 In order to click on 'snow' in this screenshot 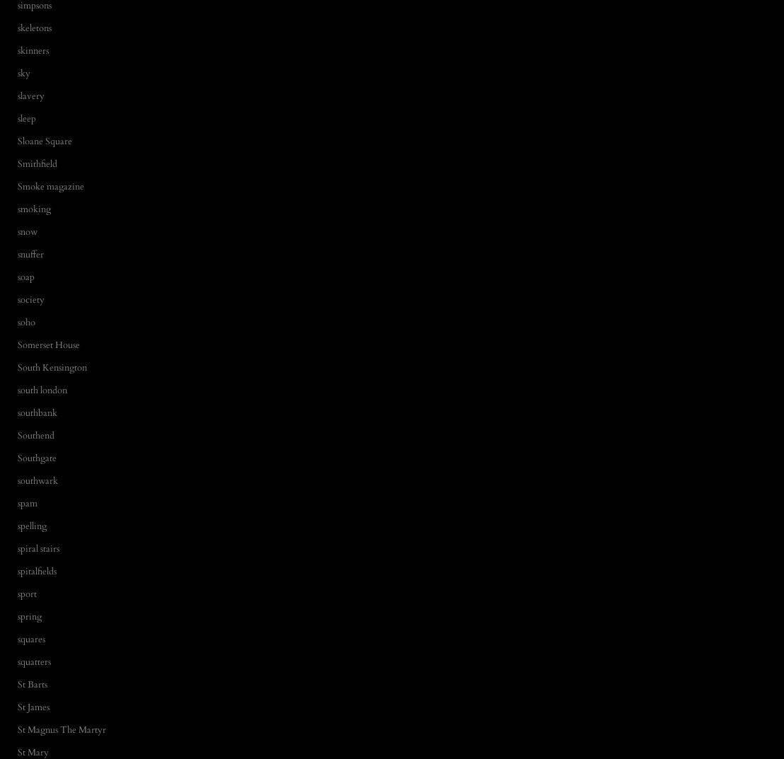, I will do `click(28, 231)`.